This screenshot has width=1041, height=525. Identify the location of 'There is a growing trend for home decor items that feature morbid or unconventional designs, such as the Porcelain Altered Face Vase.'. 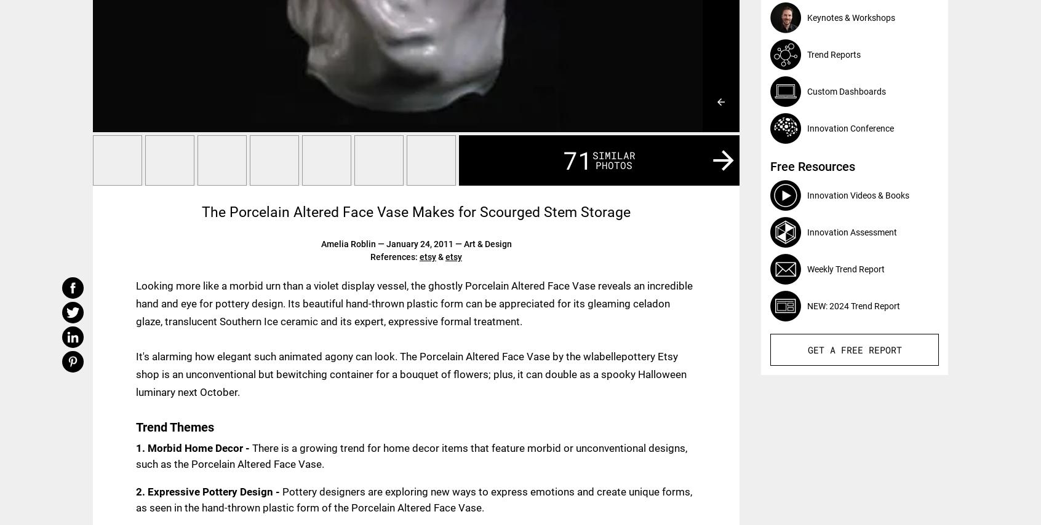
(412, 455).